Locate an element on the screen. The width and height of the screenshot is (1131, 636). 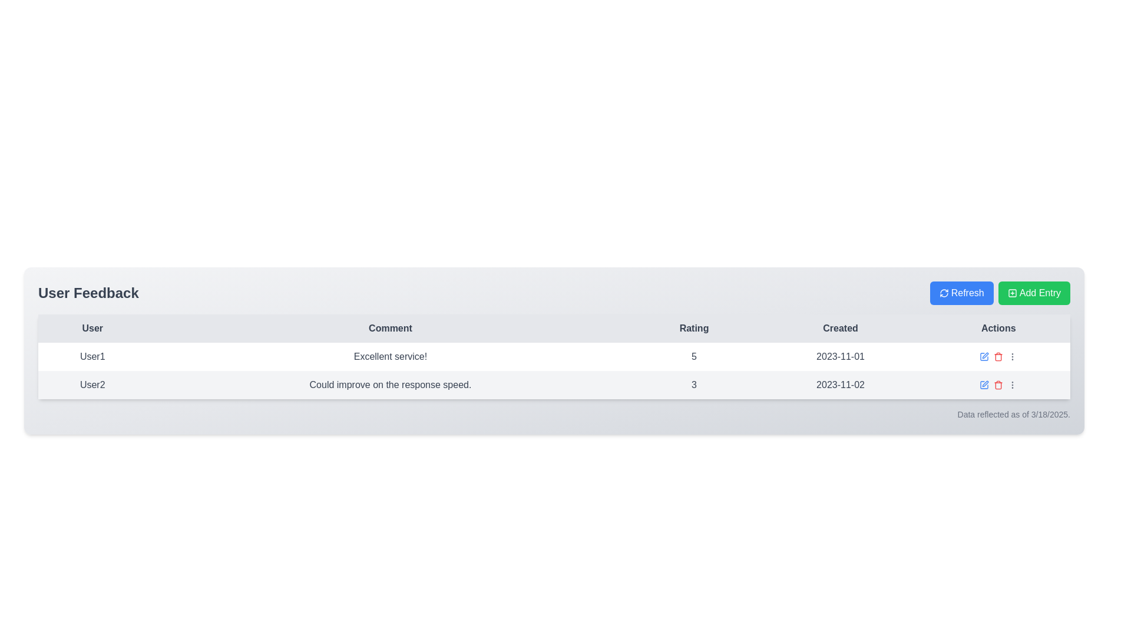
the static text element displaying 'Excellent service!' located in the second cell of the second row of the feedback table, which is in the comments column is located at coordinates (390, 356).